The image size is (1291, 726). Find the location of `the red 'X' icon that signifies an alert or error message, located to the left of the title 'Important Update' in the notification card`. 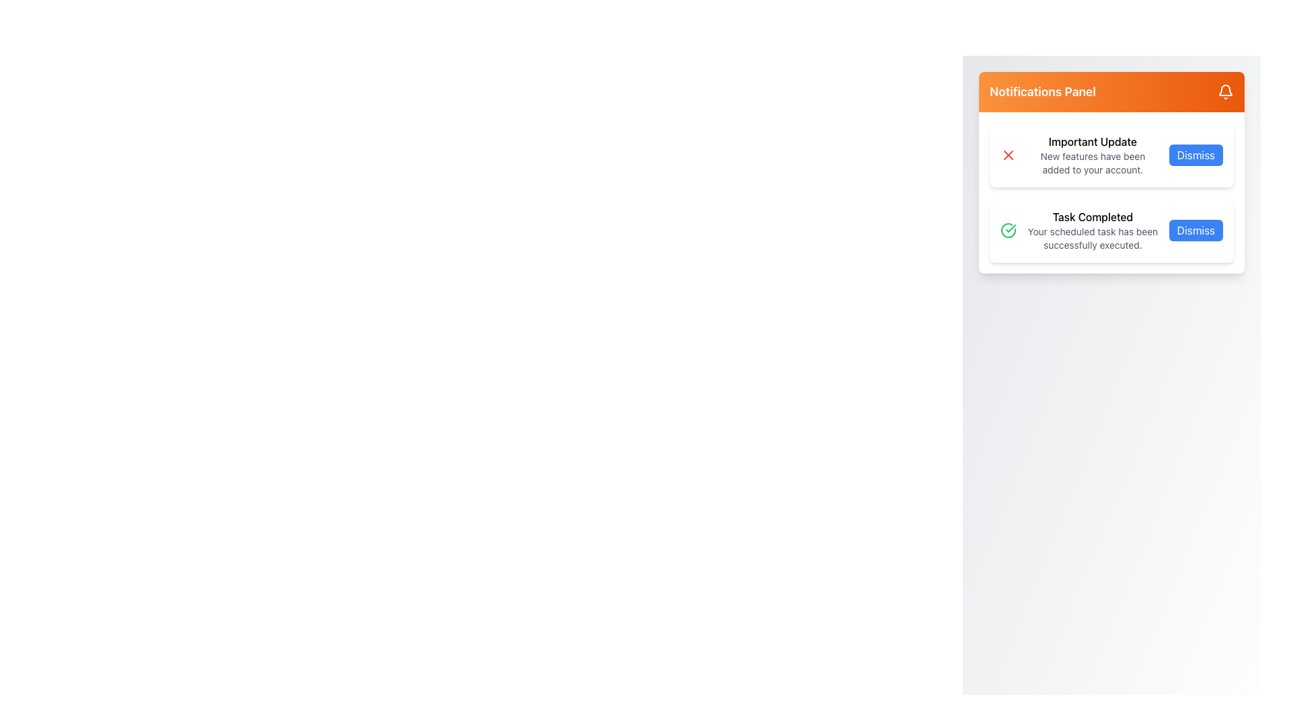

the red 'X' icon that signifies an alert or error message, located to the left of the title 'Important Update' in the notification card is located at coordinates (1008, 155).